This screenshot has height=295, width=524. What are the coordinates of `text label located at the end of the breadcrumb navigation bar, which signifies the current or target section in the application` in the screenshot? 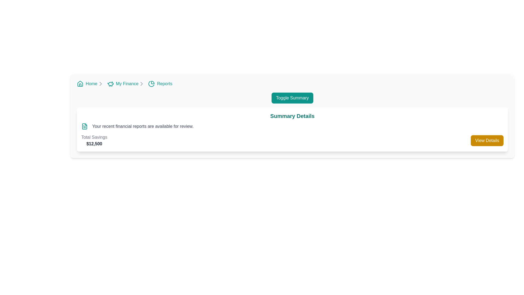 It's located at (164, 84).